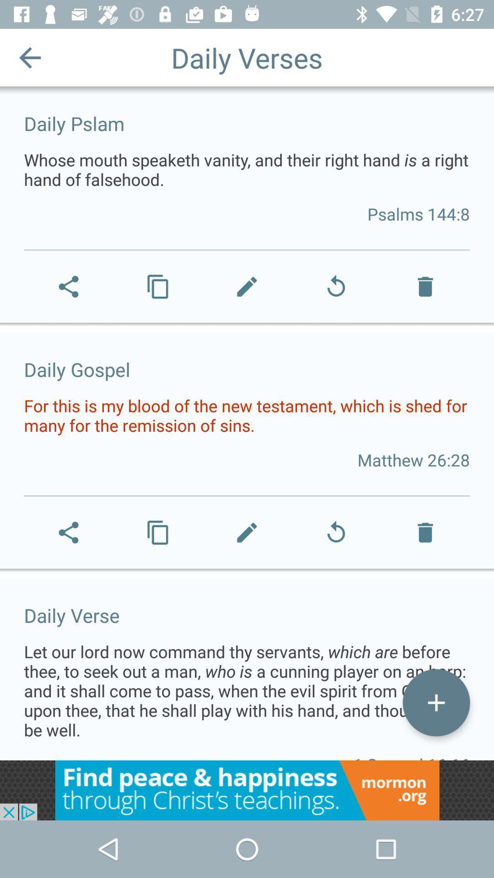 This screenshot has height=878, width=494. I want to click on the add icon, so click(435, 702).